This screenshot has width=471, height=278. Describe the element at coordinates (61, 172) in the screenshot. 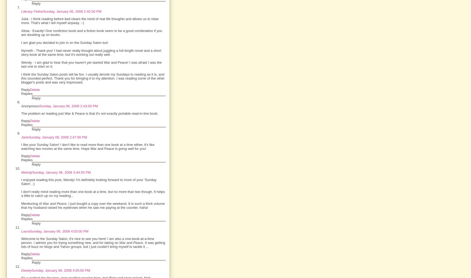

I see `'Sunday, January 06, 2008 3:44:00 PM'` at that location.